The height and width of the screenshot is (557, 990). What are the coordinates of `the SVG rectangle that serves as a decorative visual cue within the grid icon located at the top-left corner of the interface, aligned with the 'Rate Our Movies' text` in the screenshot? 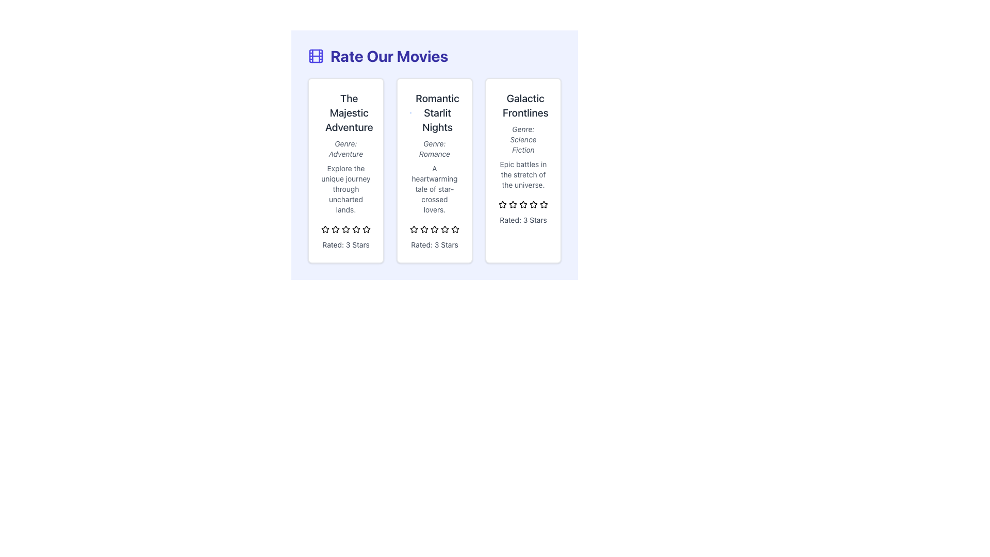 It's located at (316, 56).